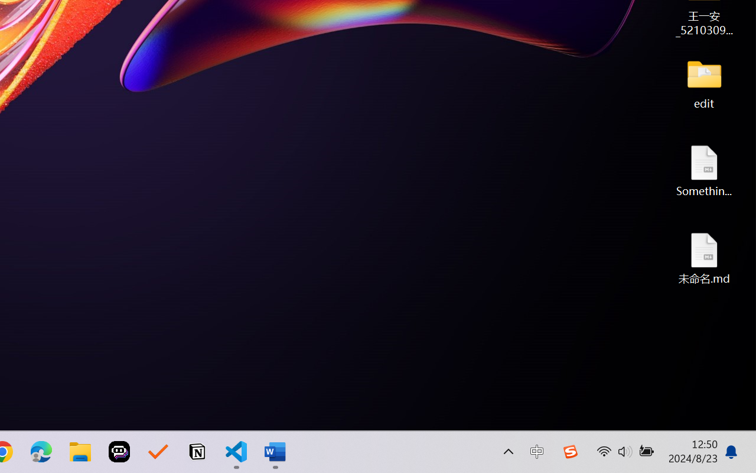 The height and width of the screenshot is (473, 756). Describe the element at coordinates (704, 83) in the screenshot. I see `'edit'` at that location.